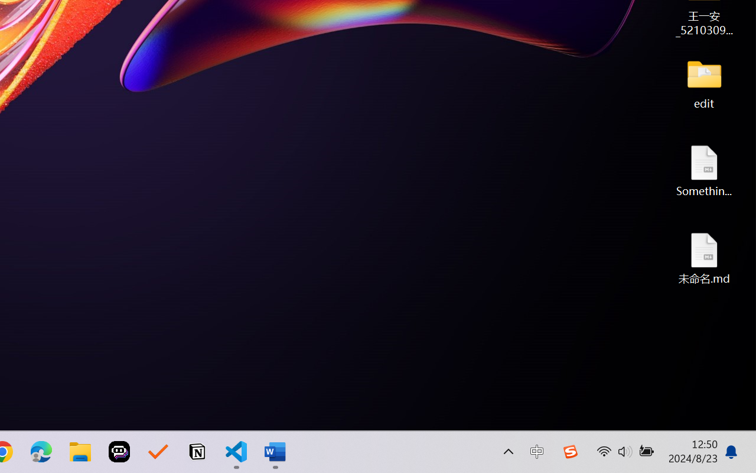 The height and width of the screenshot is (473, 756). Describe the element at coordinates (704, 83) in the screenshot. I see `'edit'` at that location.